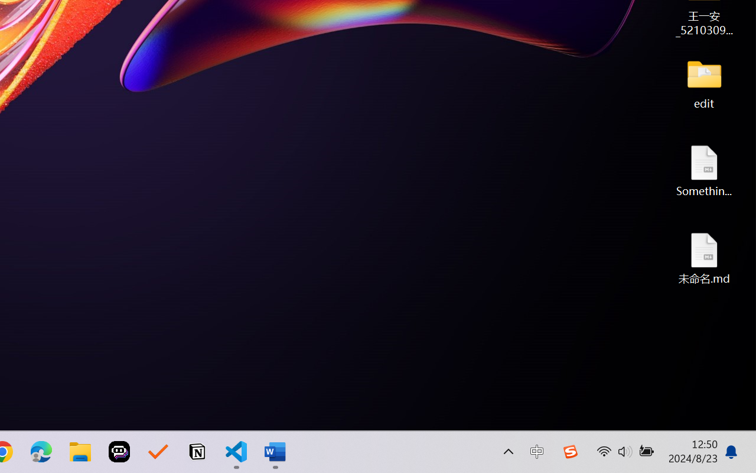 The height and width of the screenshot is (473, 756). Describe the element at coordinates (704, 83) in the screenshot. I see `'edit'` at that location.